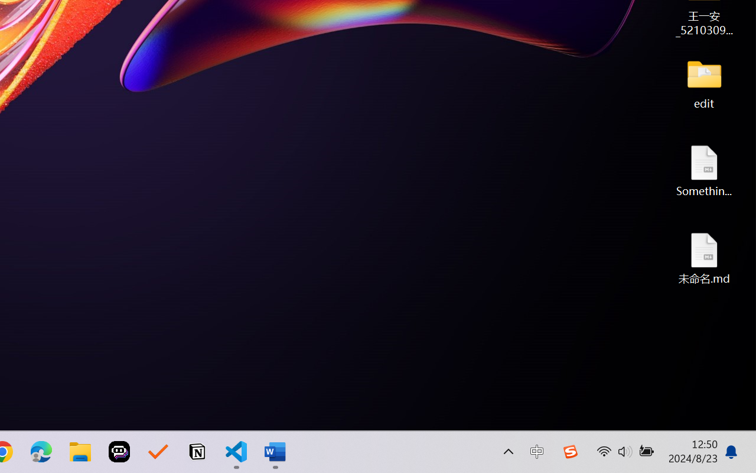 The height and width of the screenshot is (473, 756). Describe the element at coordinates (704, 83) in the screenshot. I see `'edit'` at that location.